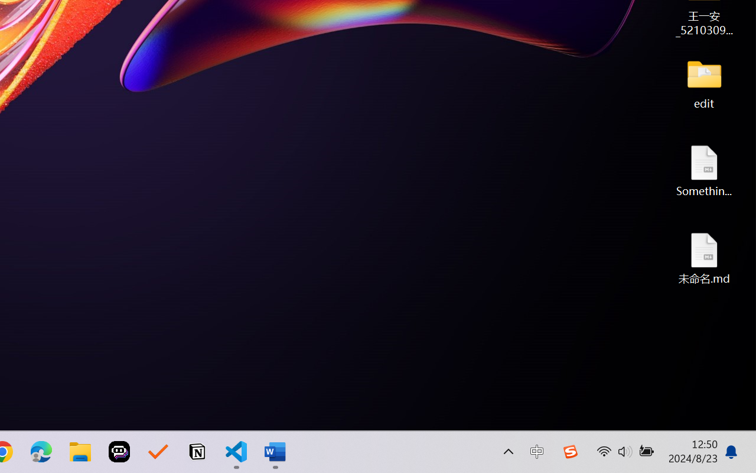 The height and width of the screenshot is (473, 756). Describe the element at coordinates (704, 83) in the screenshot. I see `'edit'` at that location.